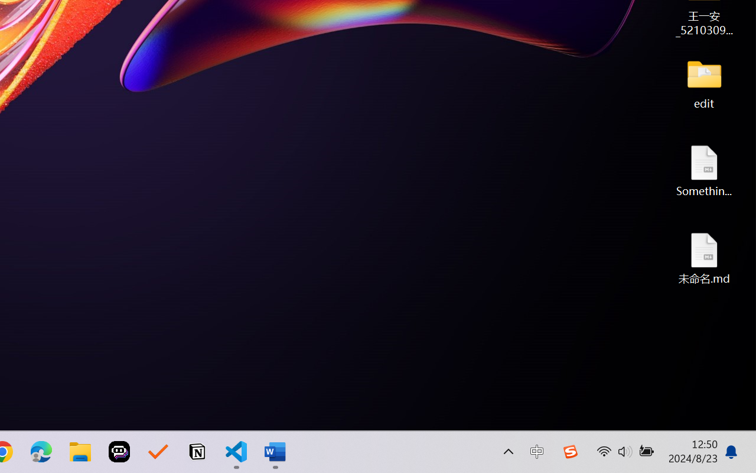 The height and width of the screenshot is (473, 756). Describe the element at coordinates (704, 83) in the screenshot. I see `'edit'` at that location.